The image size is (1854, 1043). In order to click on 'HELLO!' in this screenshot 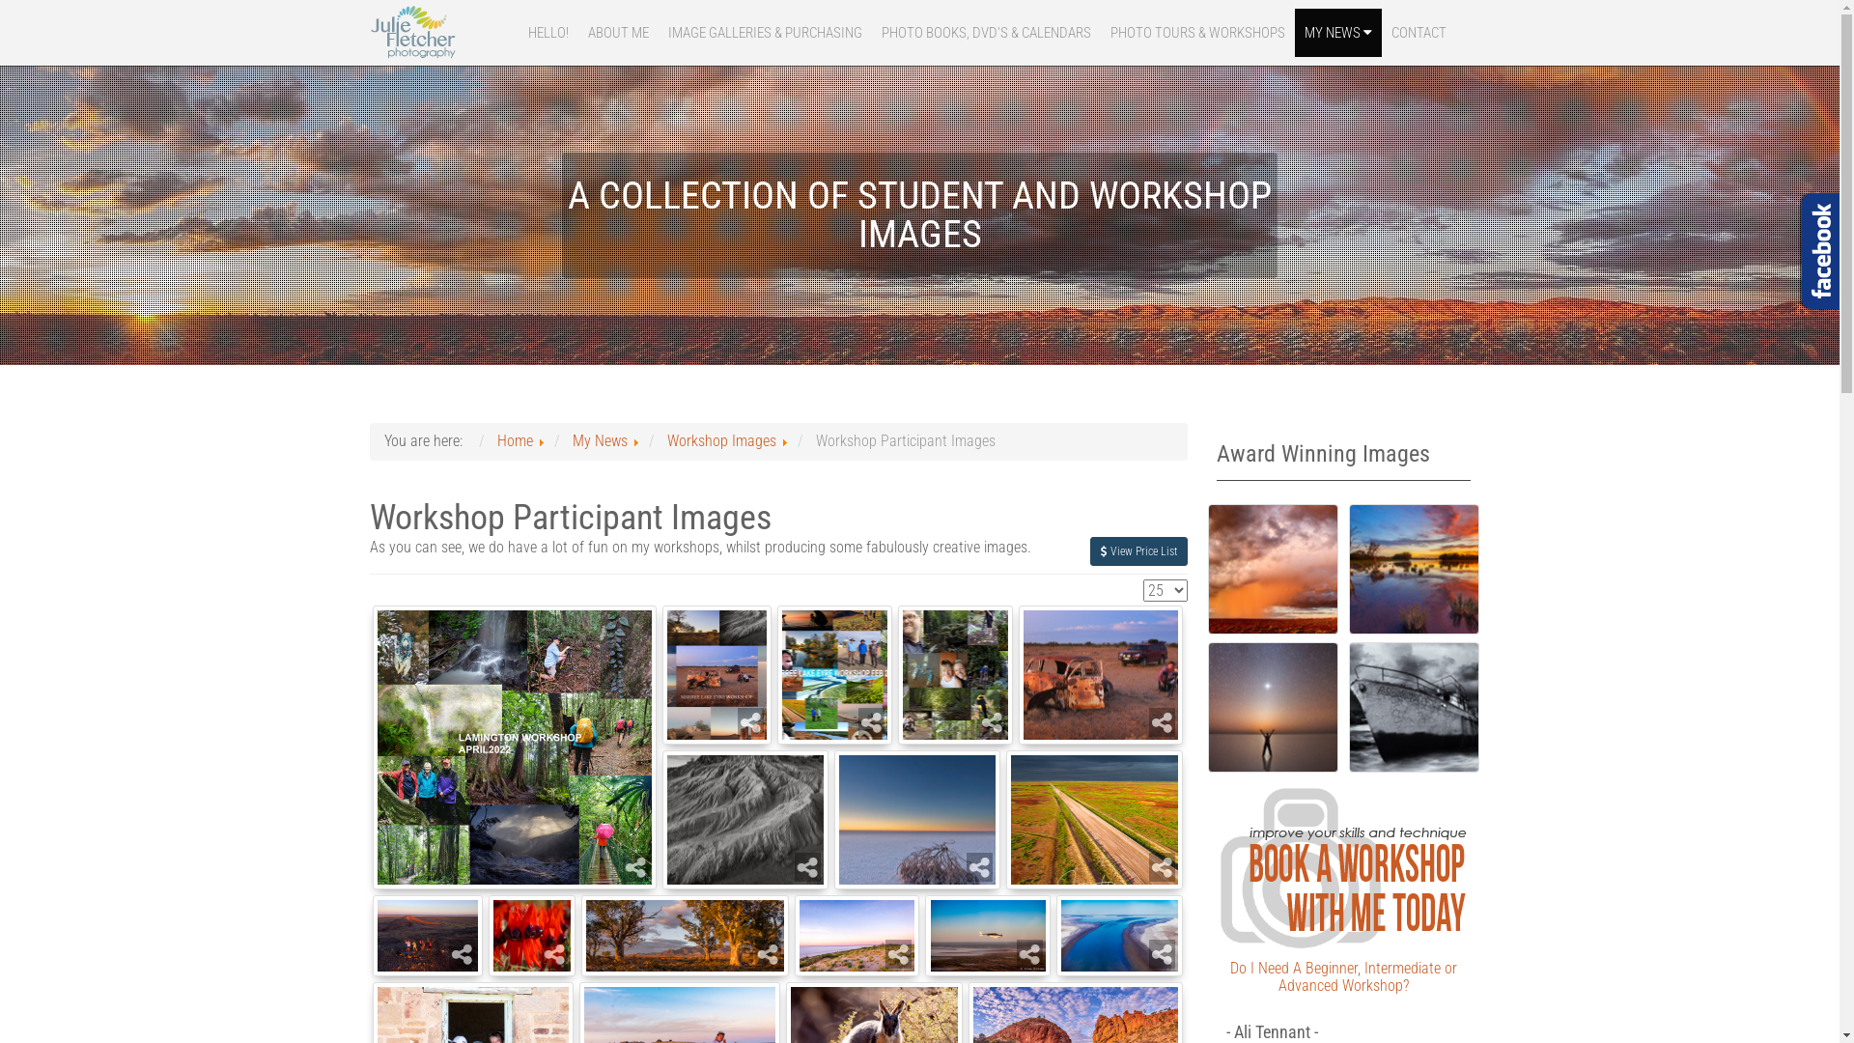, I will do `click(546, 33)`.